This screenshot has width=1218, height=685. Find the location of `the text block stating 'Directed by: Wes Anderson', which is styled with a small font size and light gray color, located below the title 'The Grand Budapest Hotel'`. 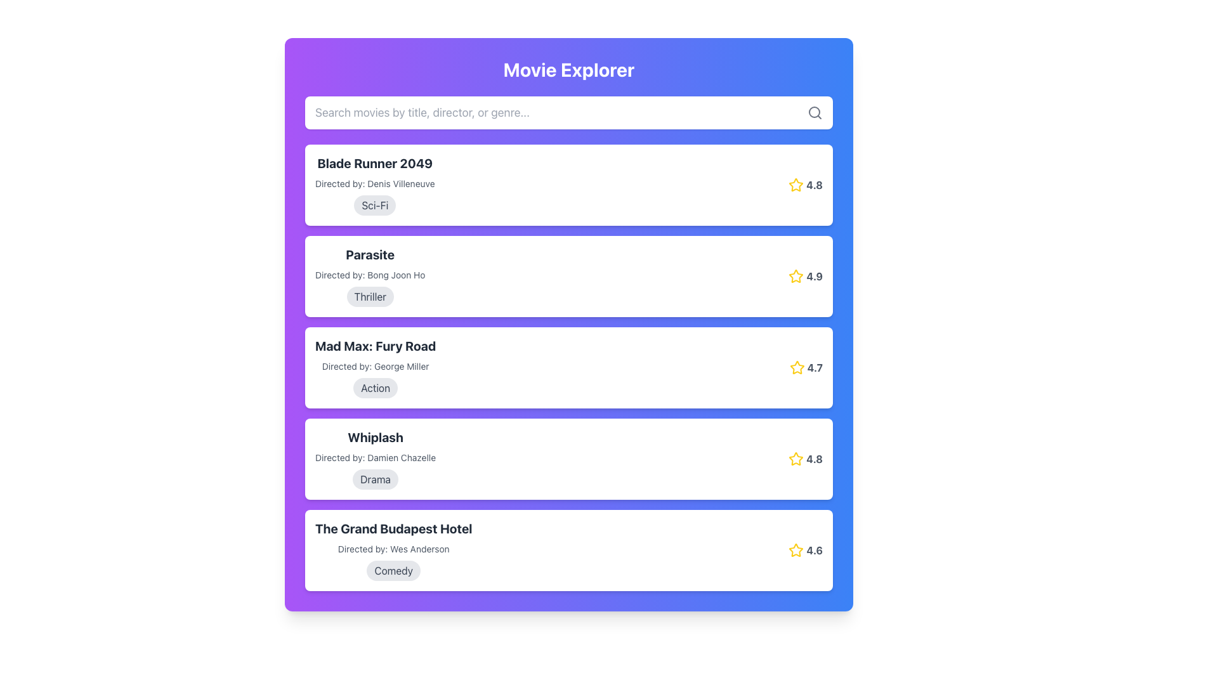

the text block stating 'Directed by: Wes Anderson', which is styled with a small font size and light gray color, located below the title 'The Grand Budapest Hotel' is located at coordinates (393, 549).